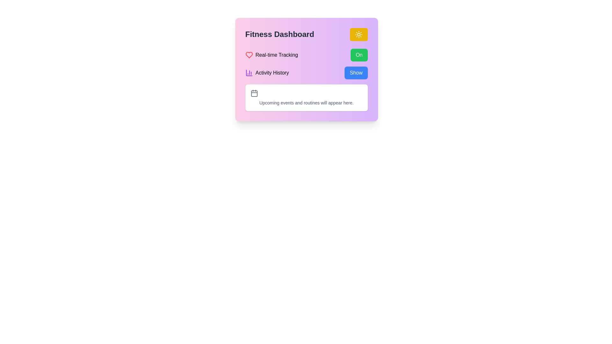 The height and width of the screenshot is (344, 612). I want to click on the 'Real-time Tracking' toggle element located in the 'Fitness Dashboard', so click(306, 54).